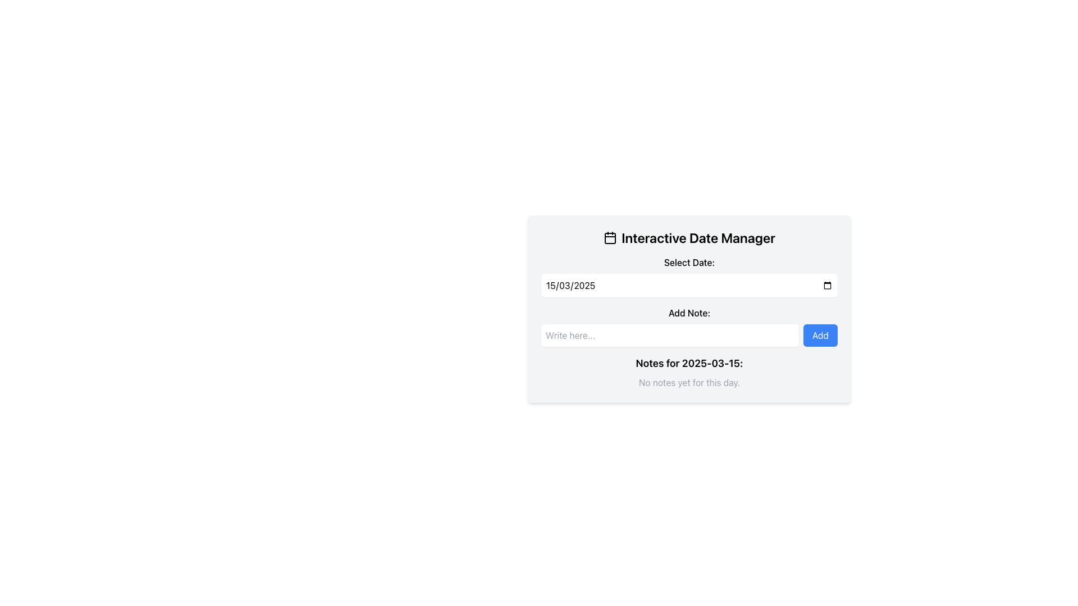 This screenshot has width=1078, height=606. Describe the element at coordinates (610, 237) in the screenshot. I see `the rounded rectangle calendar icon element within the interactive date manager interface` at that location.